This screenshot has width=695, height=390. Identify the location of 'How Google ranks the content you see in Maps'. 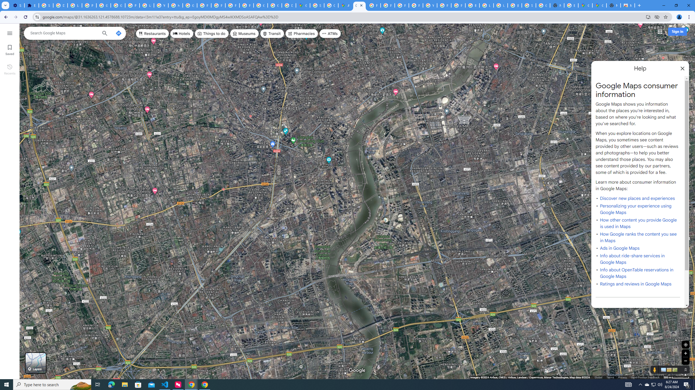
(638, 237).